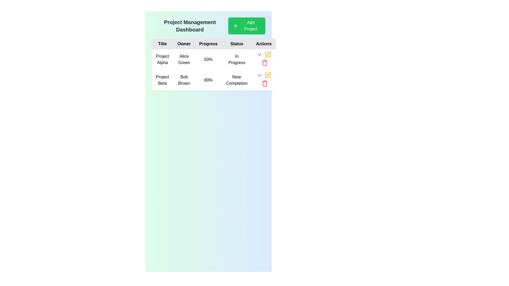 The image size is (509, 286). I want to click on the trash icon button in the second row of the 'Actions' column of the Project Management Dashboard, so click(265, 62).